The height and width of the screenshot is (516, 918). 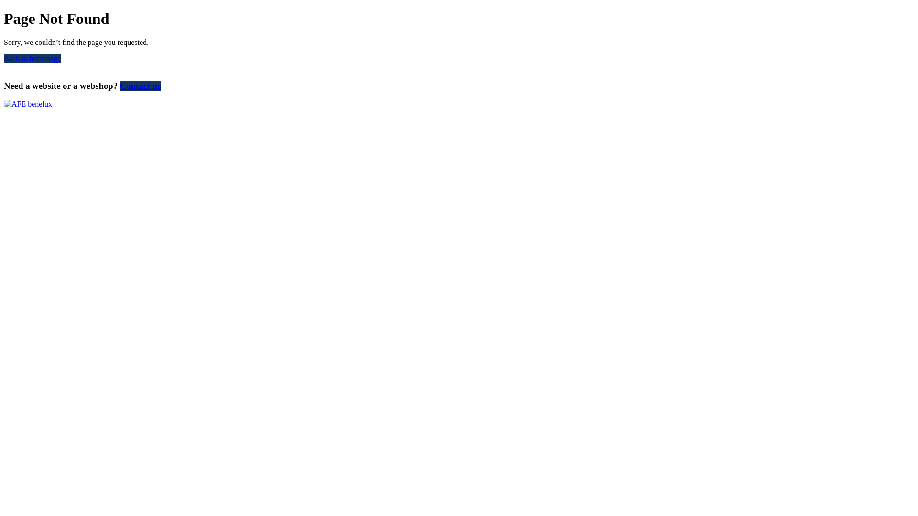 I want to click on 'AFE benelux', so click(x=28, y=104).